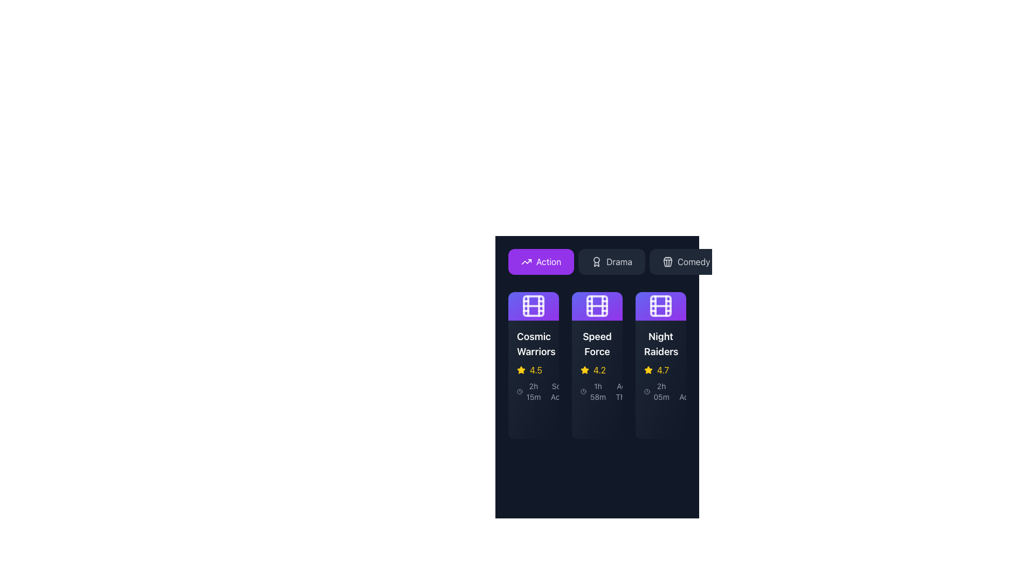 The height and width of the screenshot is (582, 1035). Describe the element at coordinates (593, 391) in the screenshot. I see `text content of the duration label for the movie 'Speed Force', located in the middle card of the second row, positioned below the star rating and above the genre description` at that location.